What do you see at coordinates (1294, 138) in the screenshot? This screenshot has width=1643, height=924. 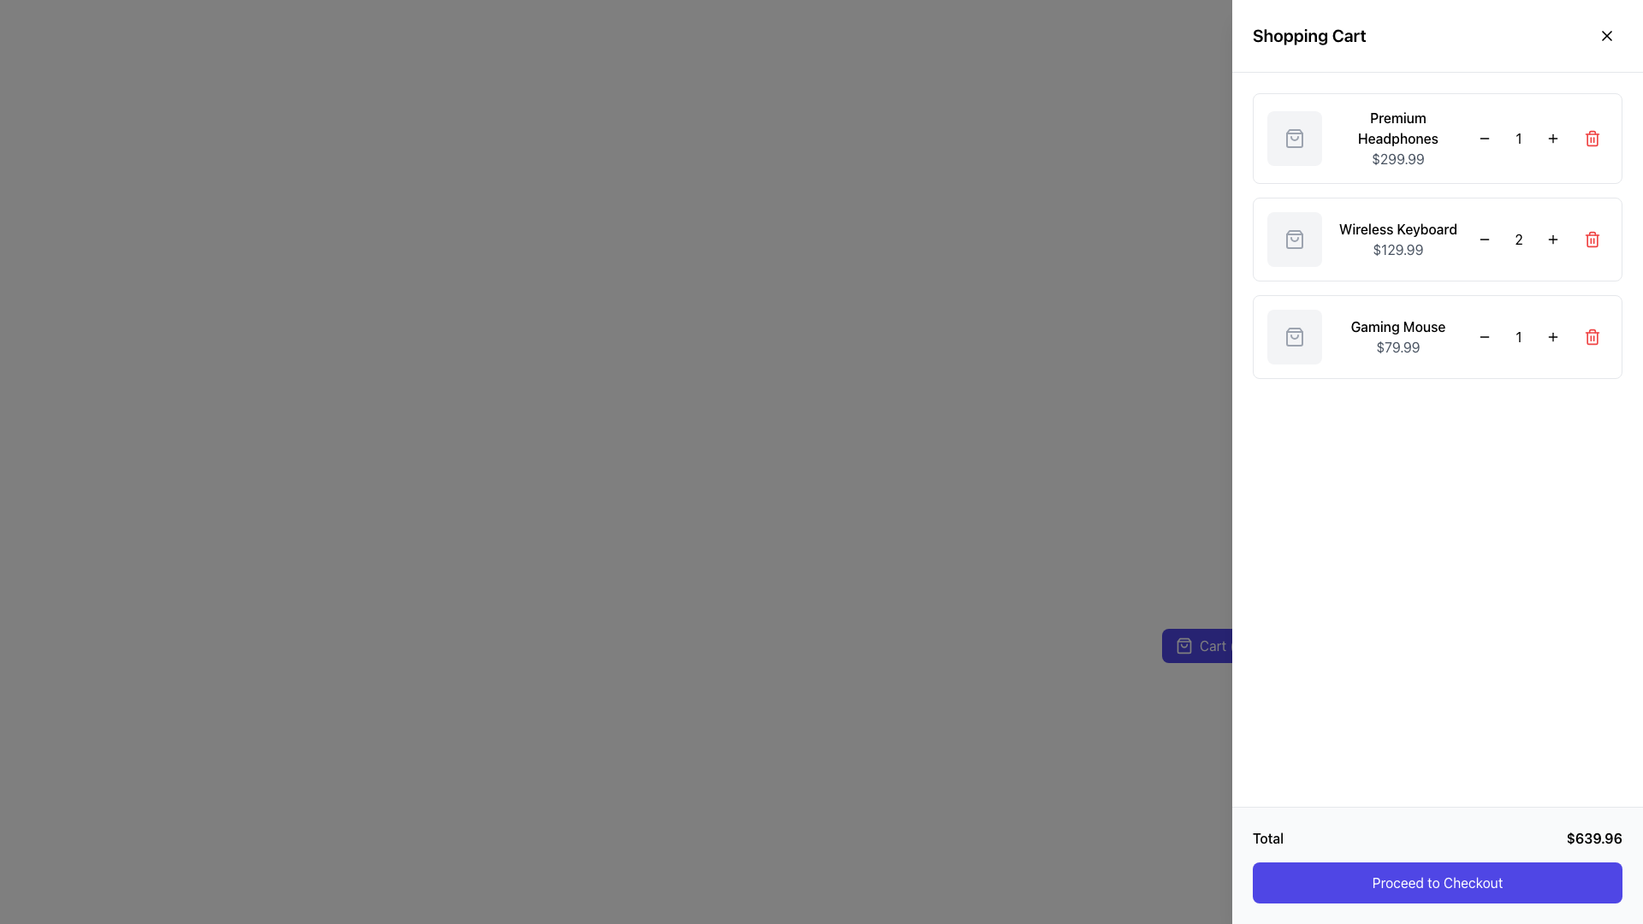 I see `the shopping bag icon representing the first item, 'Premium Headphones', in the shopping cart interface` at bounding box center [1294, 138].